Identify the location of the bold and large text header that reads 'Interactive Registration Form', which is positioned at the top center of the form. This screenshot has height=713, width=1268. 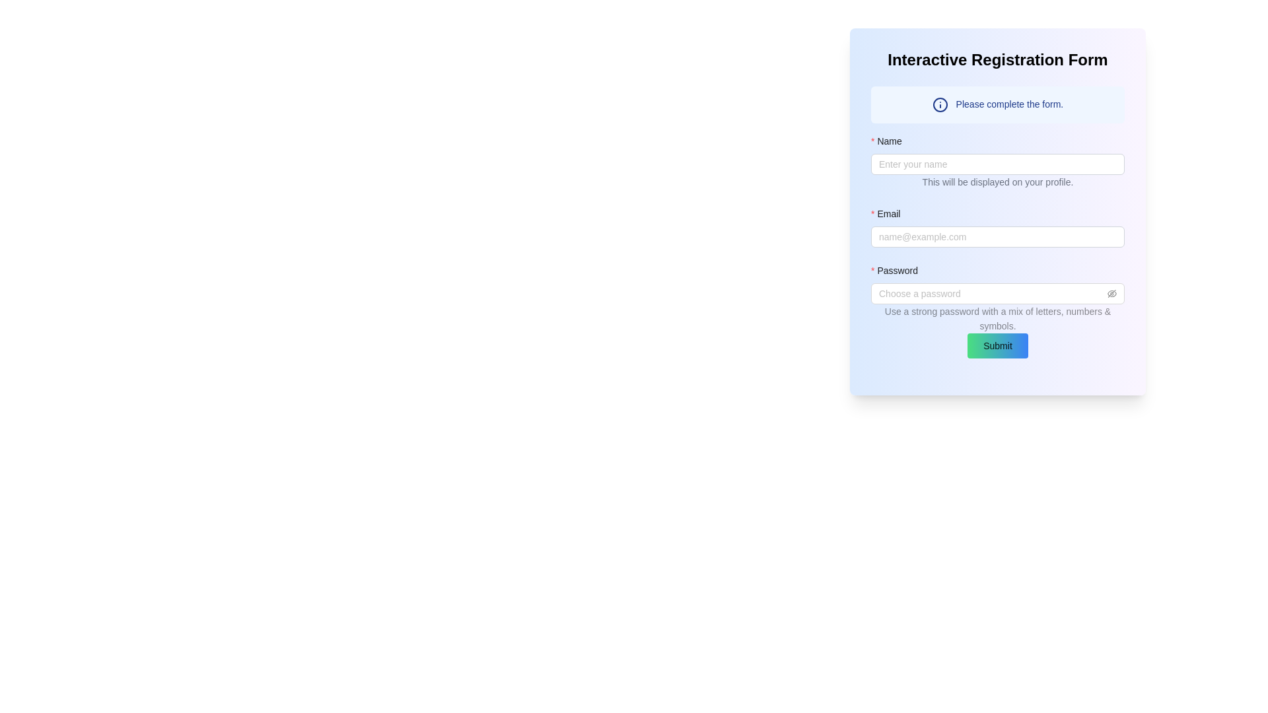
(998, 60).